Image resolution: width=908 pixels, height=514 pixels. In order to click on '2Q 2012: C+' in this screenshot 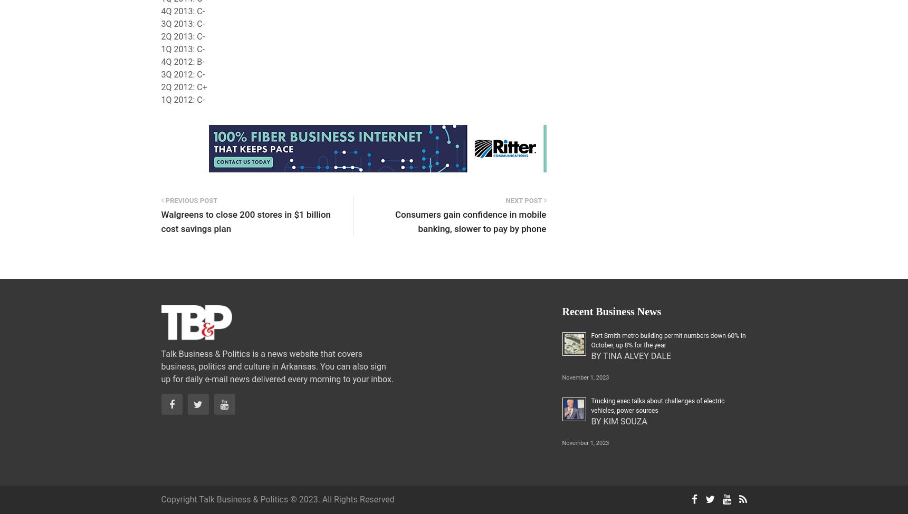, I will do `click(184, 86)`.